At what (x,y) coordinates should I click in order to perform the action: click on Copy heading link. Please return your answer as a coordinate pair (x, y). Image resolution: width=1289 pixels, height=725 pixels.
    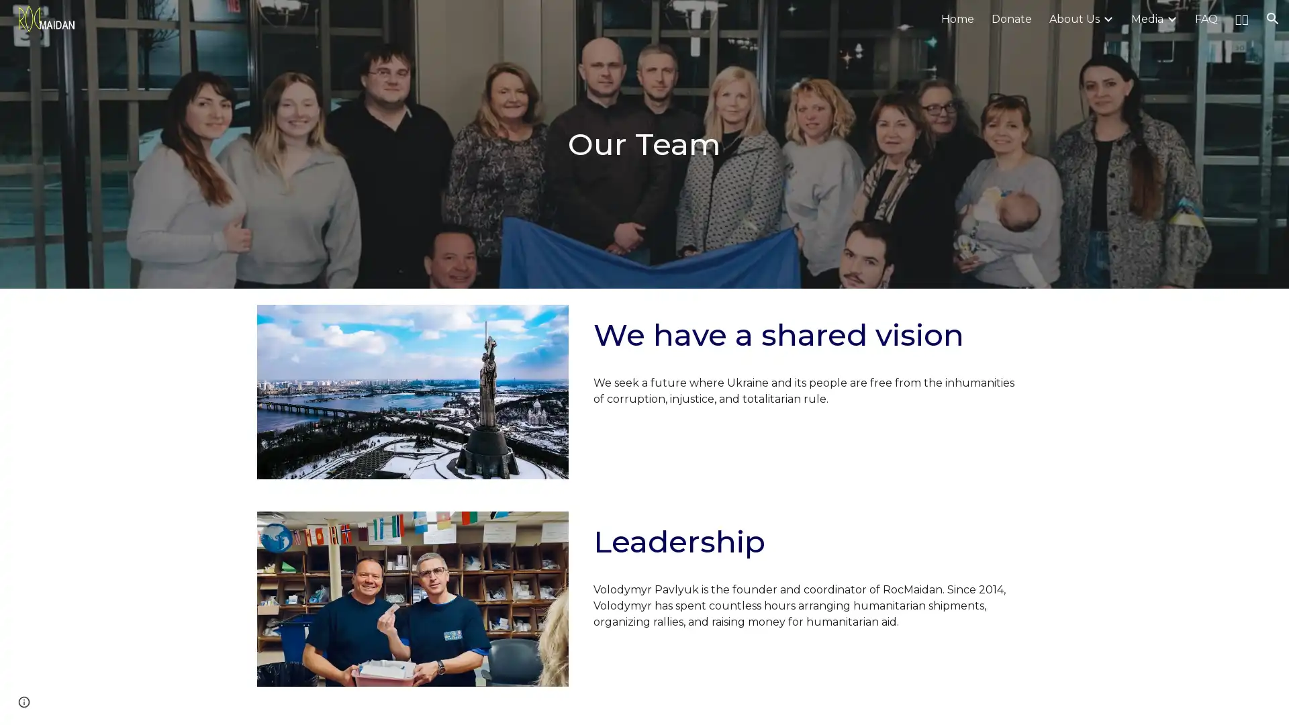
    Looking at the image, I should click on (780, 540).